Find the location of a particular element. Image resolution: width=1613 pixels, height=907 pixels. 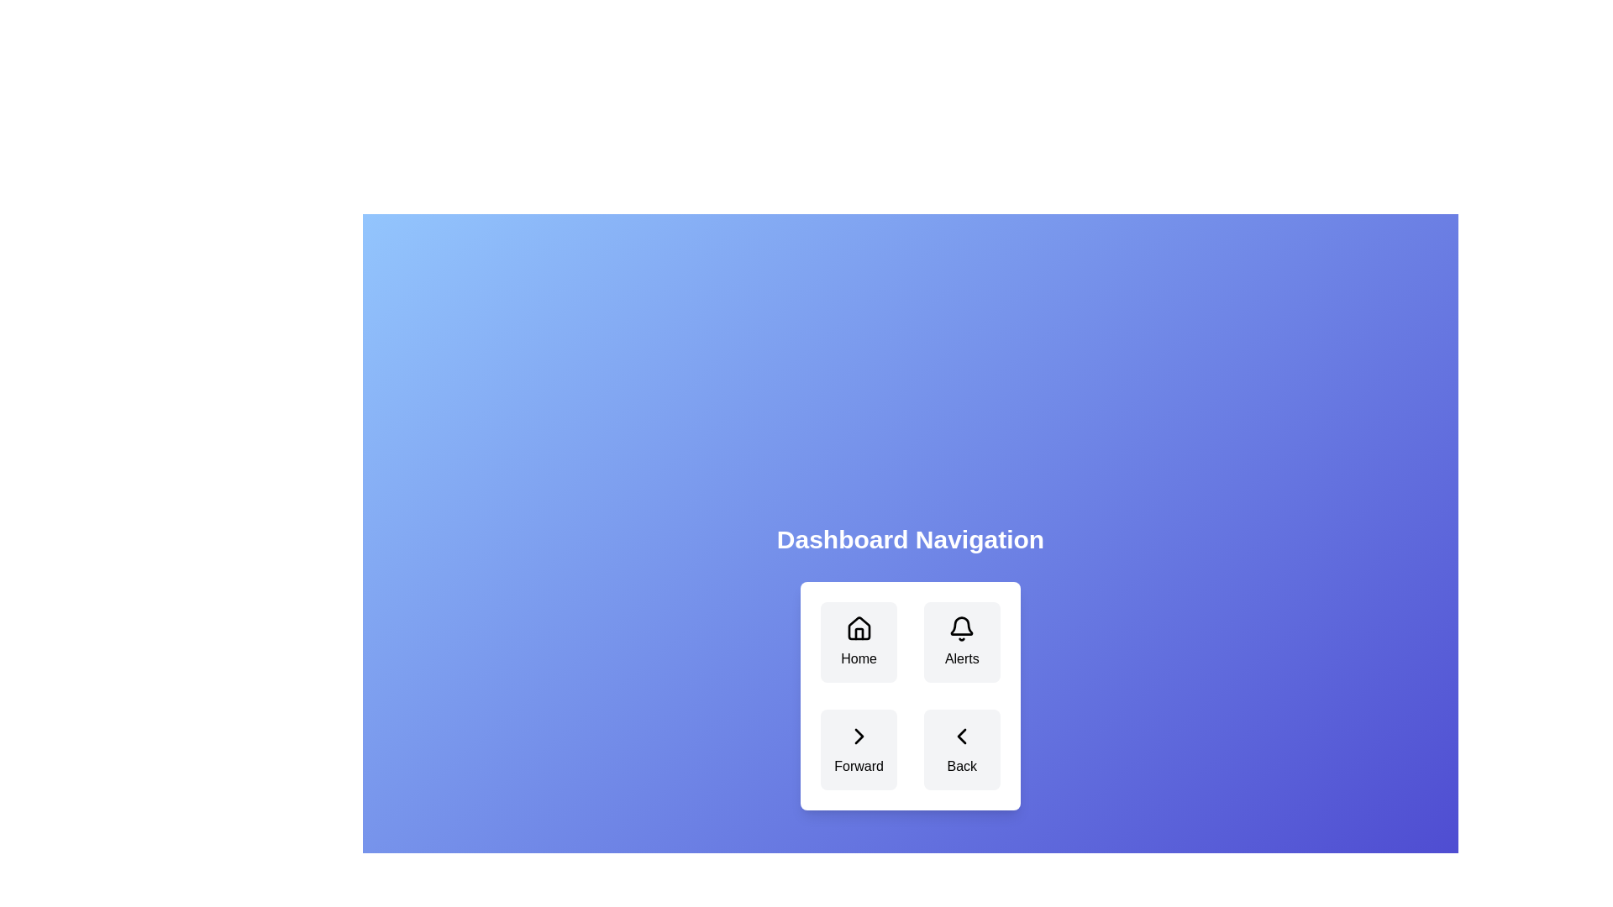

text label 'Alerts' located centrally beneath the bell icon in the top-right button of the four-button grid is located at coordinates (962, 658).